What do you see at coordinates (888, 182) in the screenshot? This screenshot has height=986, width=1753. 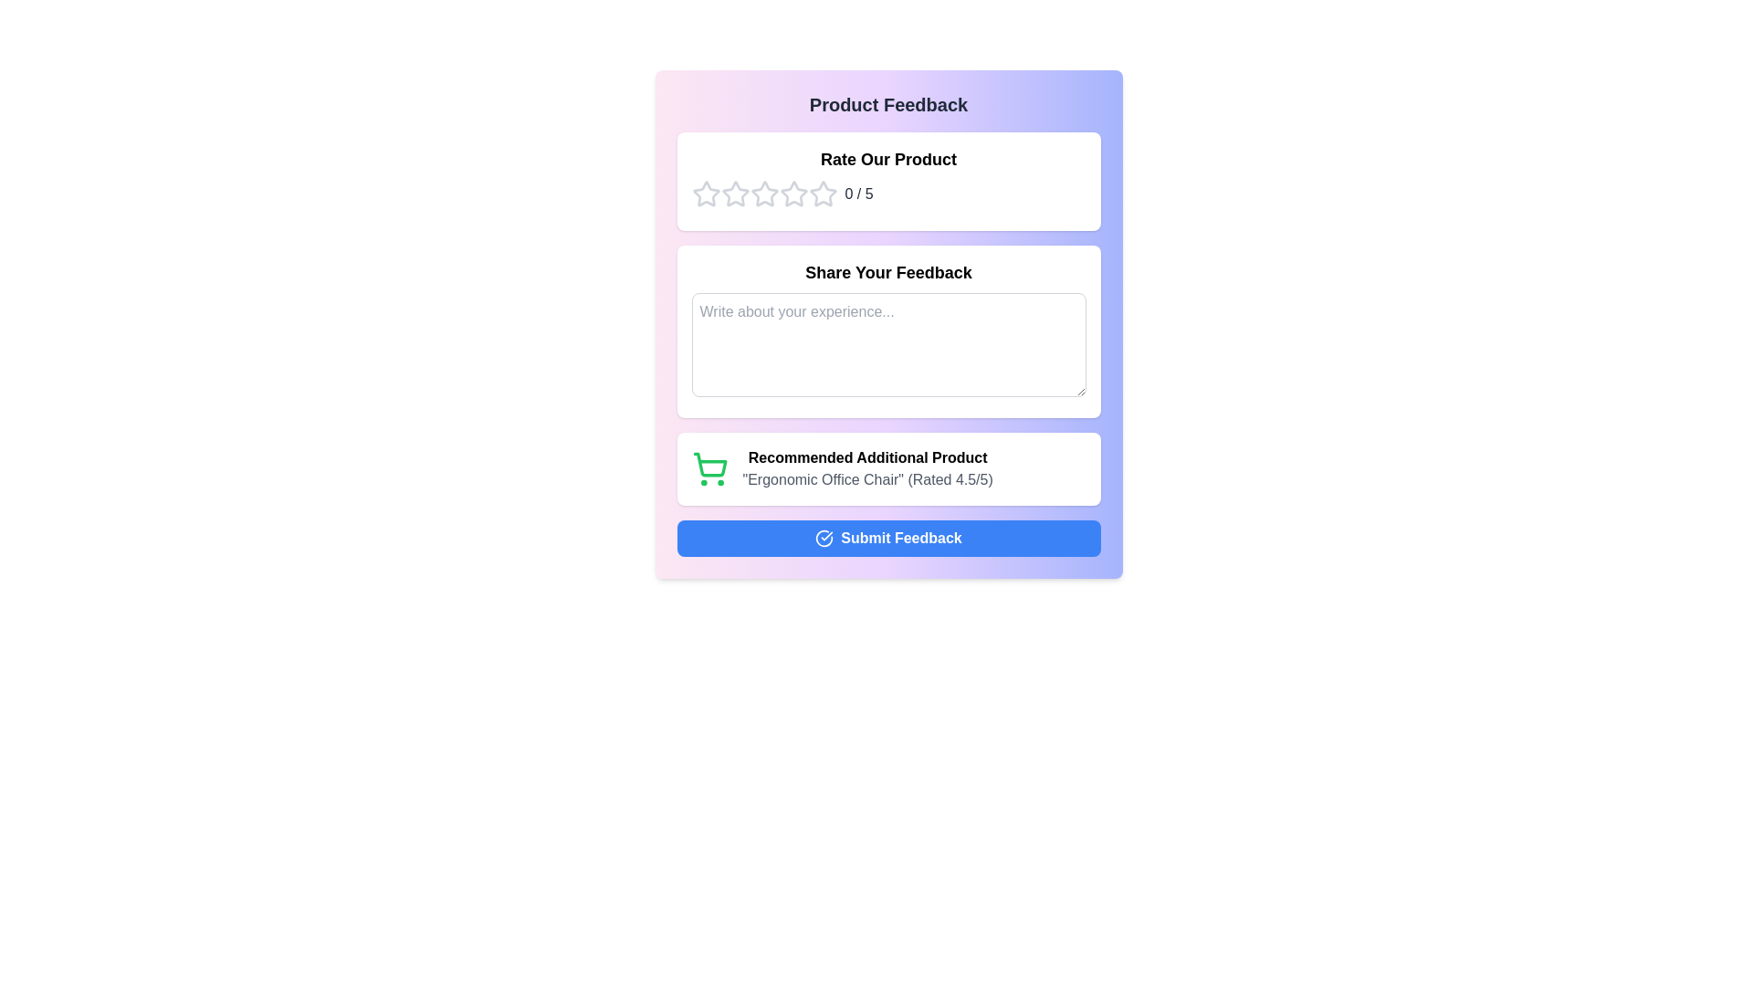 I see `one of the outlined stars in the Rating widget titled 'Rate Our Product' to give a rating` at bounding box center [888, 182].